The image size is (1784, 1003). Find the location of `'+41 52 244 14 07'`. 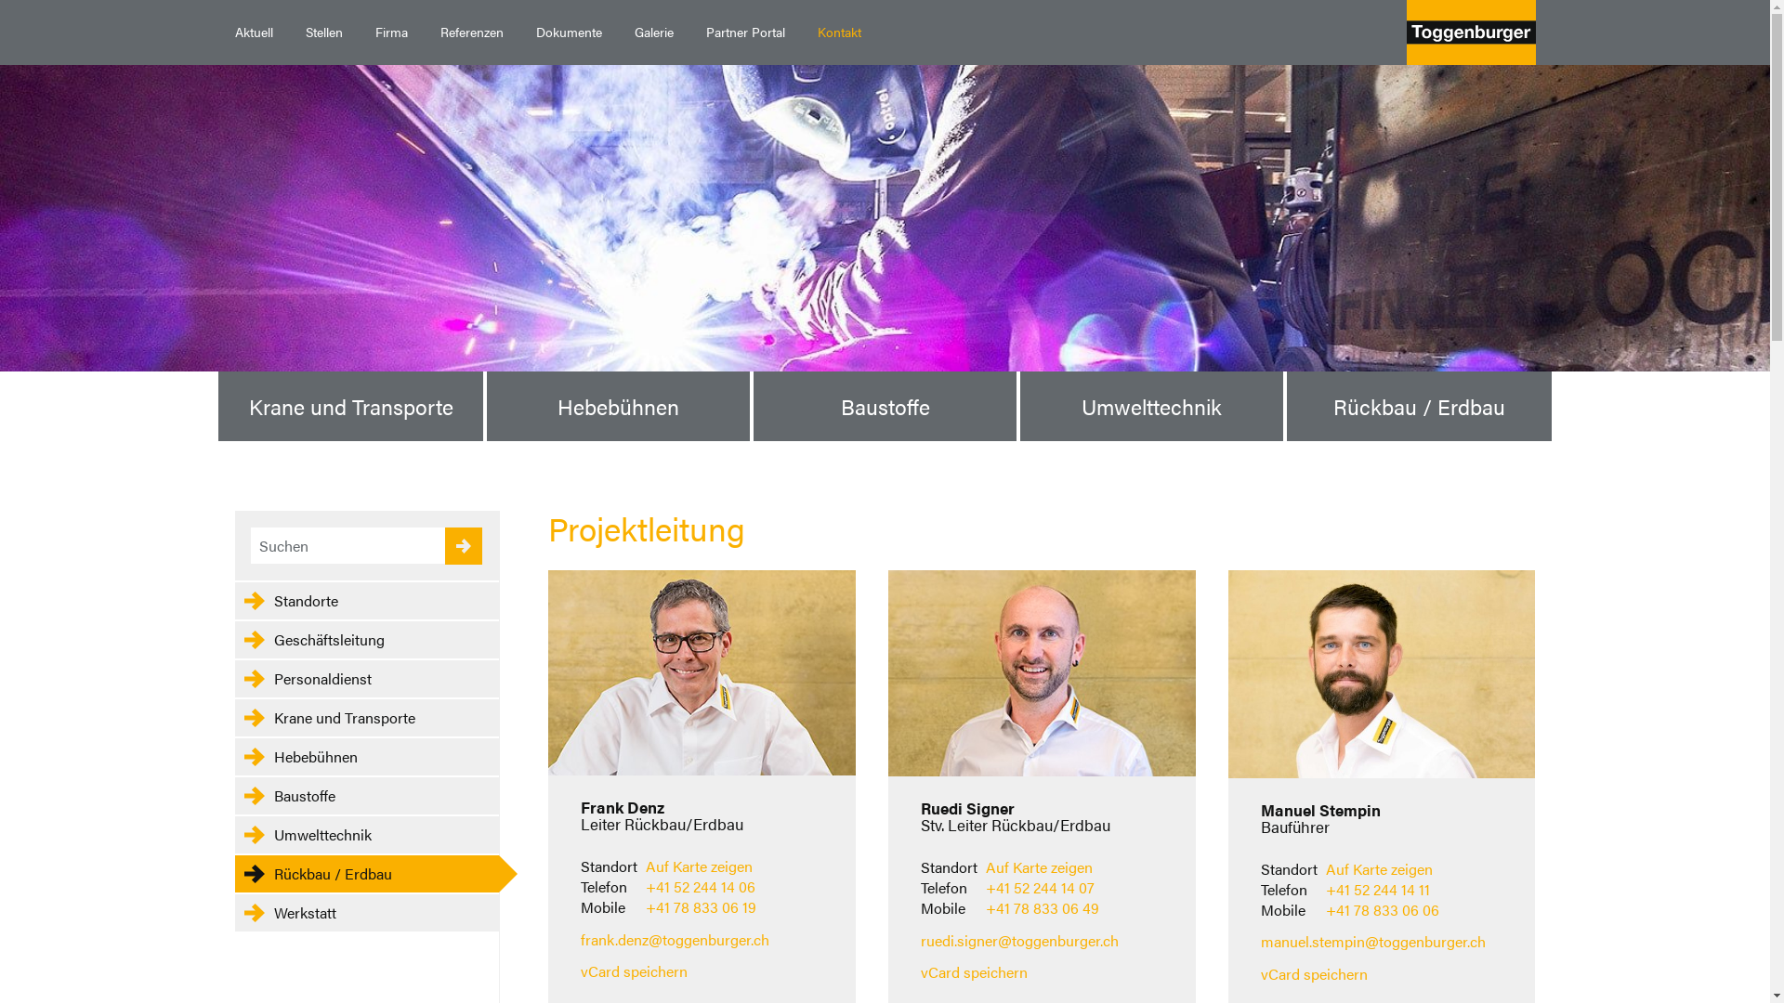

'+41 52 244 14 07' is located at coordinates (1039, 886).